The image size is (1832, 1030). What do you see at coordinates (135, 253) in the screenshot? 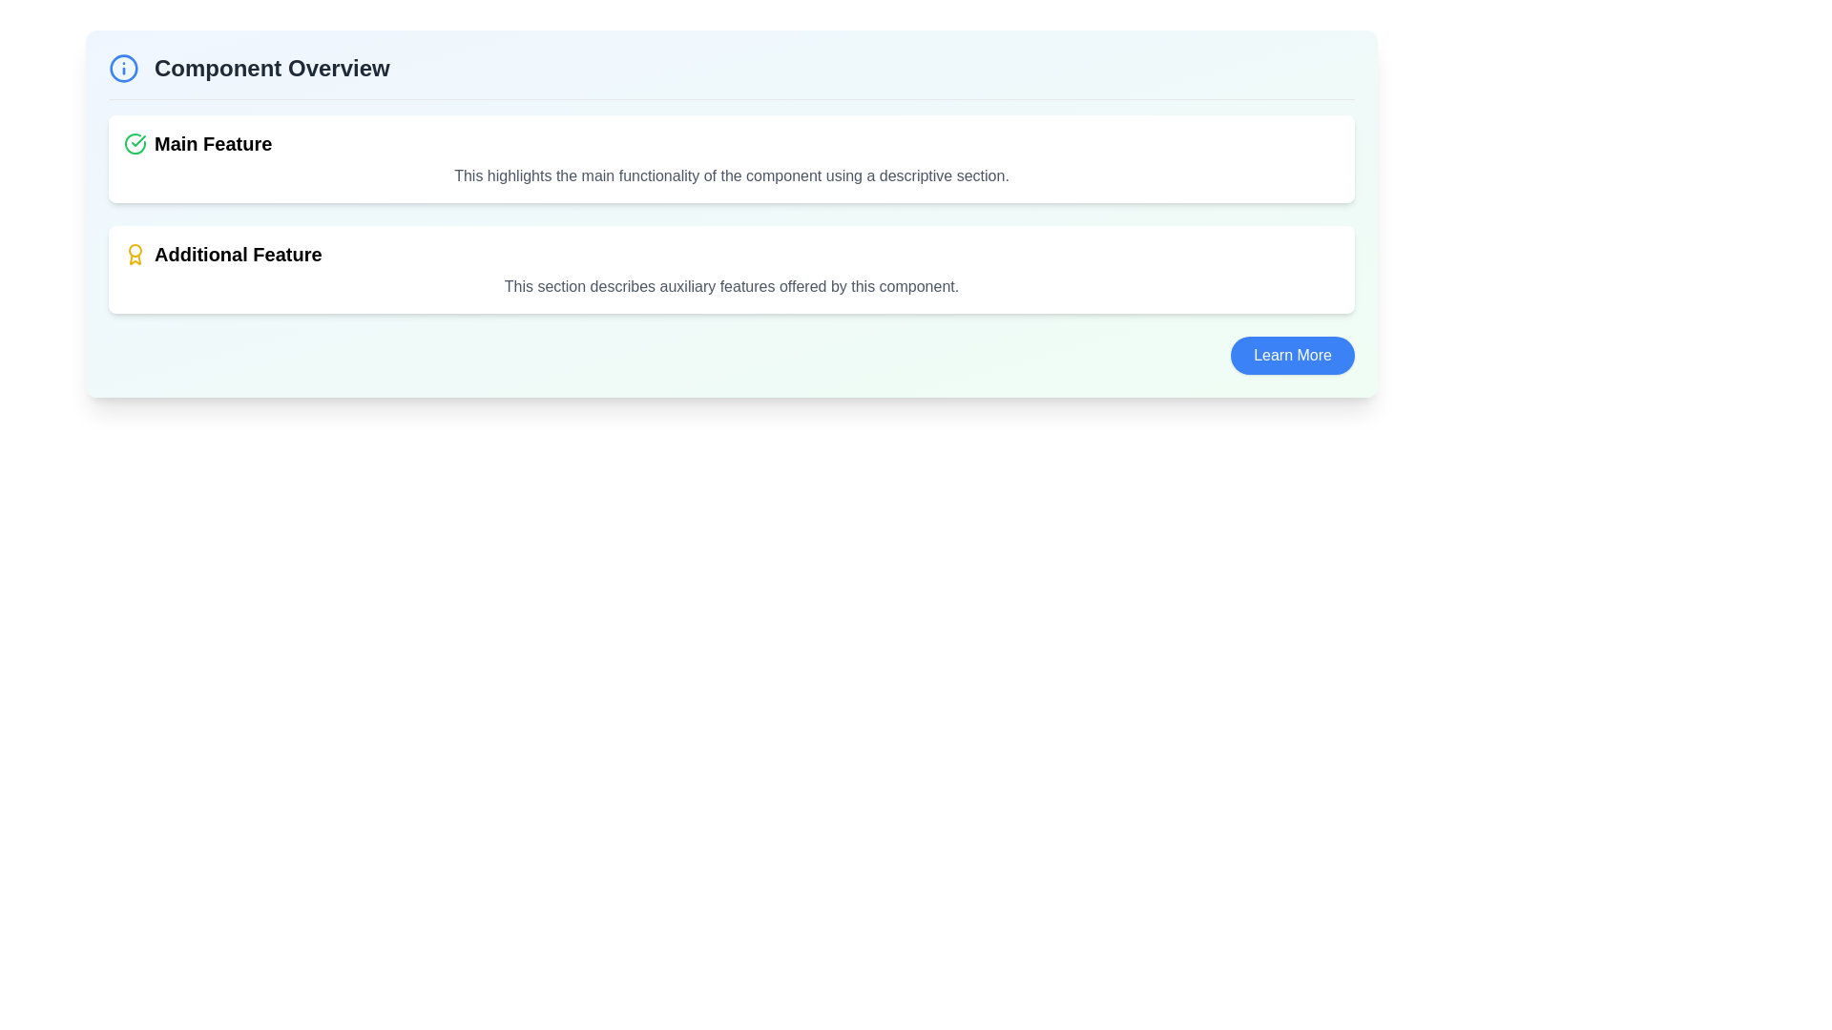
I see `the award icon located to the left of the 'Additional Feature' text in the second row of the 'Component Overview' section` at bounding box center [135, 253].